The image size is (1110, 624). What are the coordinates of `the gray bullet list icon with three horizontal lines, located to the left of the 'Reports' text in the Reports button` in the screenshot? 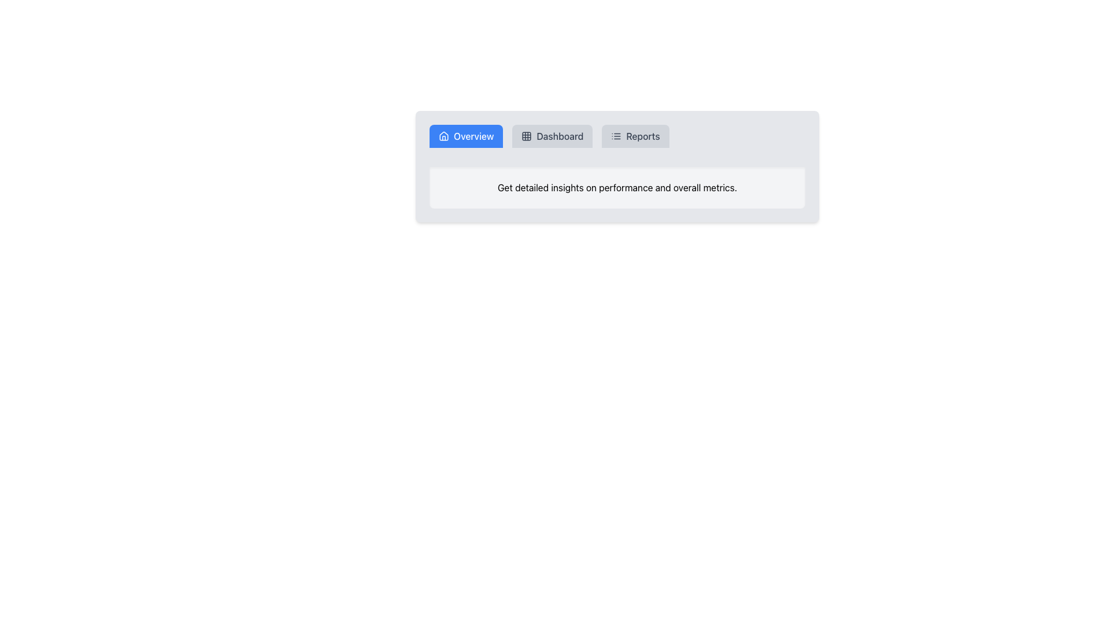 It's located at (616, 135).